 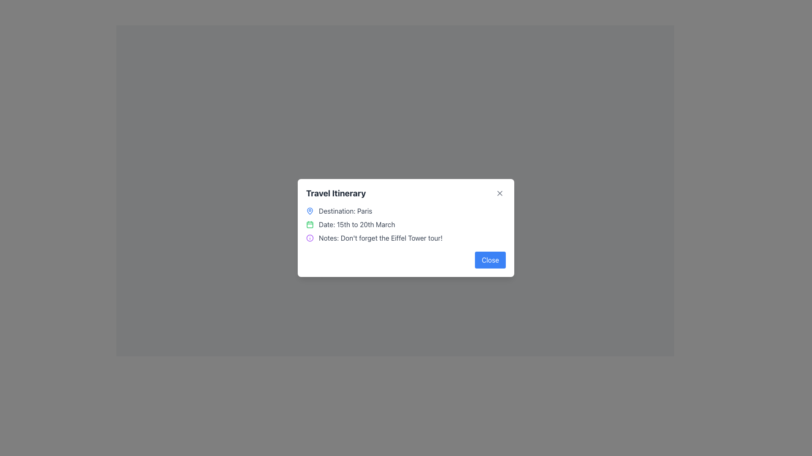 I want to click on the small icon resembling a diagonal cross located in the top-right corner of the 'Travel Itinerary' dialog box, so click(x=499, y=193).